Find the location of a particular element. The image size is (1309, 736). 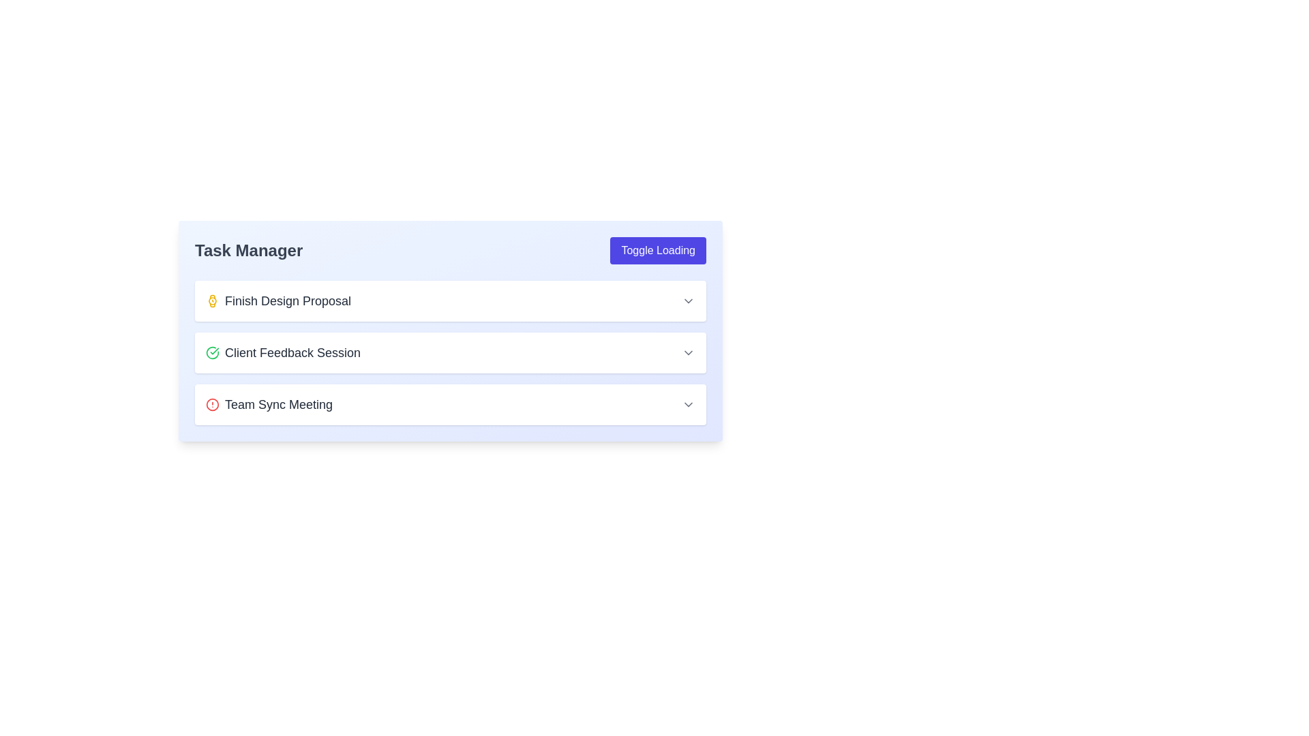

the text label 'Team Sync Meeting' located in the third task entry of the task management interface, adjacent to the alert icon is located at coordinates (277, 404).